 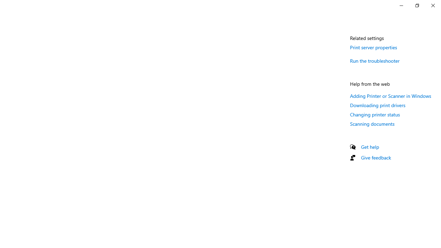 I want to click on 'Changing printer status', so click(x=375, y=114).